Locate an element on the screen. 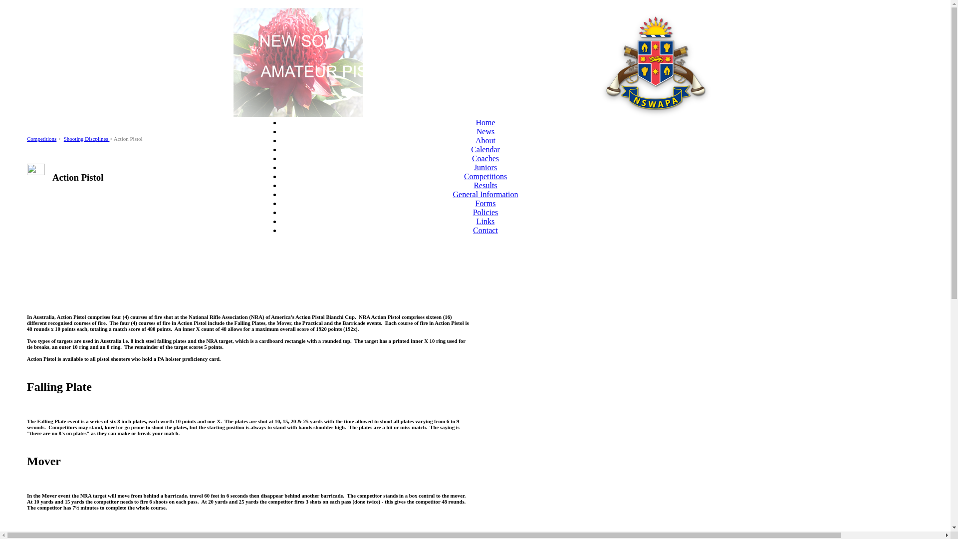 This screenshot has height=539, width=958. 'Links' is located at coordinates (476, 221).